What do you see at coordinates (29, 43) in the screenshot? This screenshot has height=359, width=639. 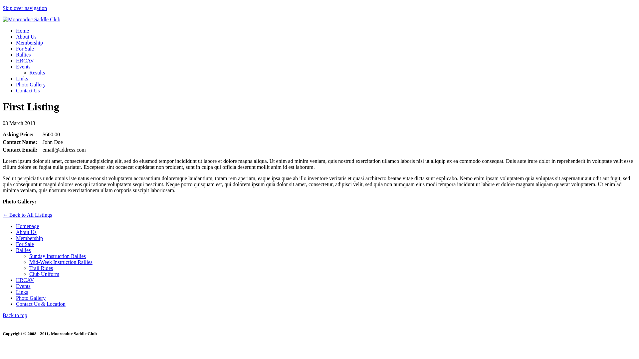 I see `'Membership'` at bounding box center [29, 43].